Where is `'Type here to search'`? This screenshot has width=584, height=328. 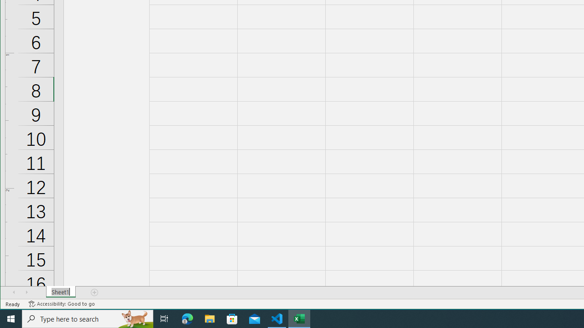 'Type here to search' is located at coordinates (88, 318).